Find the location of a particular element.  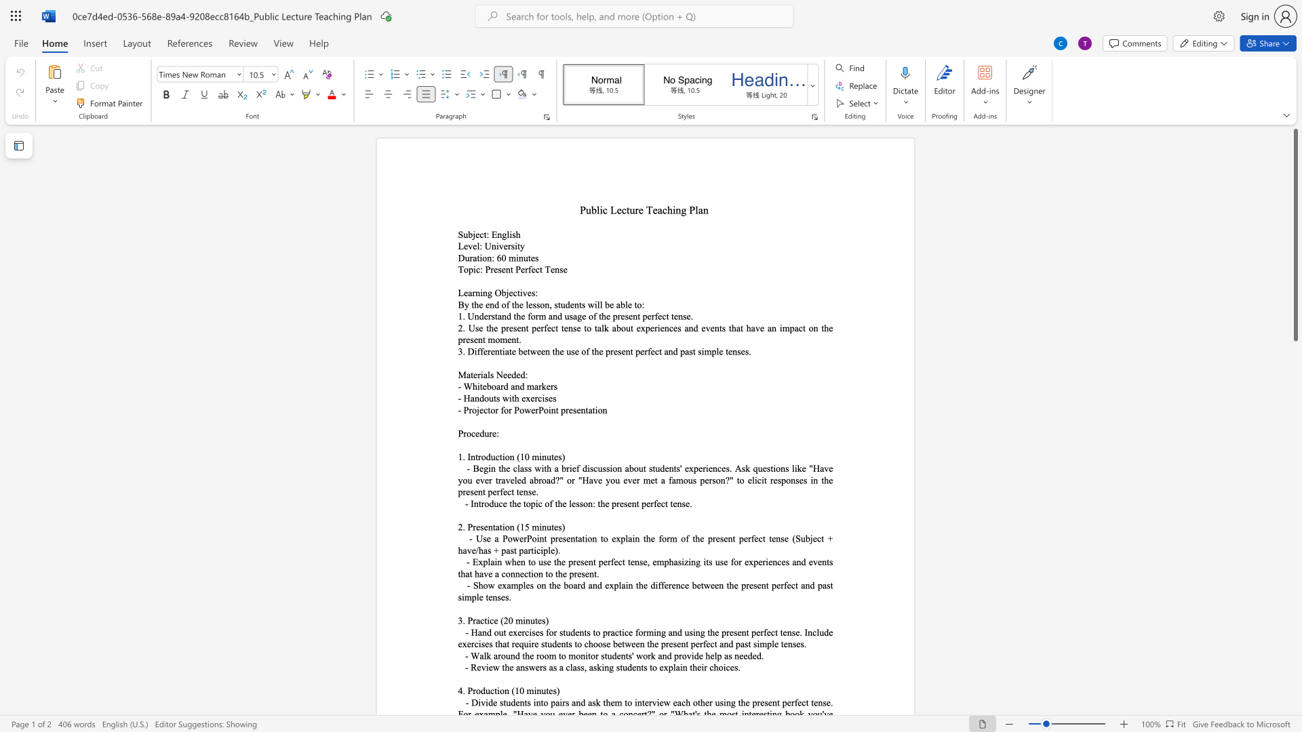

the space between the continuous character "s" and ")" in the text is located at coordinates (561, 457).